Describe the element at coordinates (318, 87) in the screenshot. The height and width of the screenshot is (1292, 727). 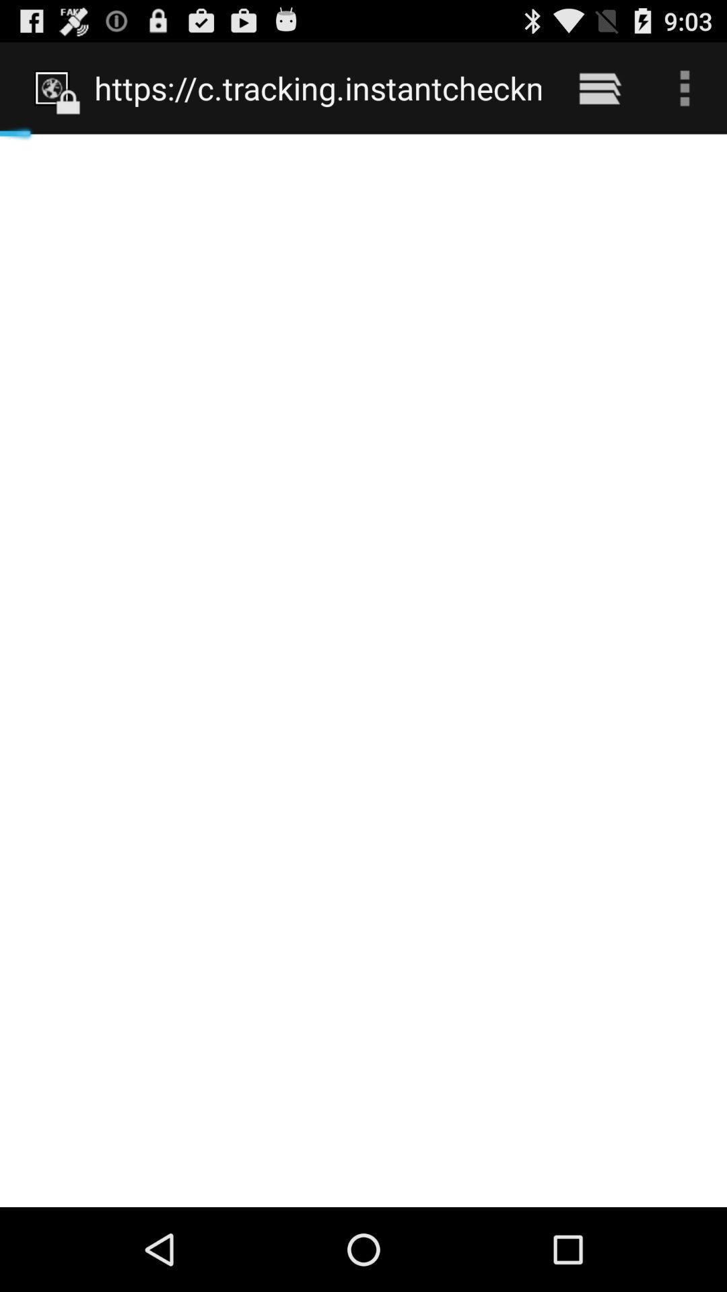
I see `https www phone` at that location.